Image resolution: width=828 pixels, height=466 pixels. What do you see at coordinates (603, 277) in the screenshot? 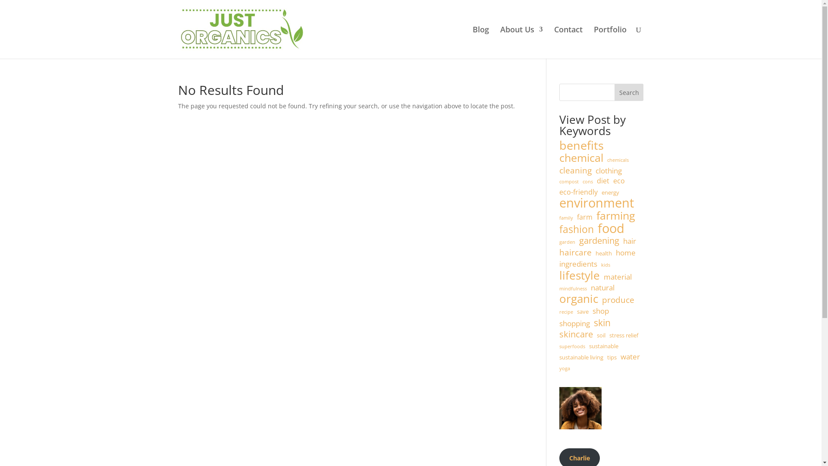
I see `'material'` at bounding box center [603, 277].